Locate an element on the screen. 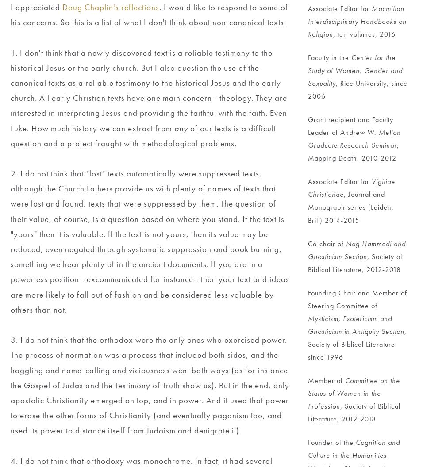 The height and width of the screenshot is (467, 423). 'Founding Chair and Member of Steering Committee of' is located at coordinates (358, 299).